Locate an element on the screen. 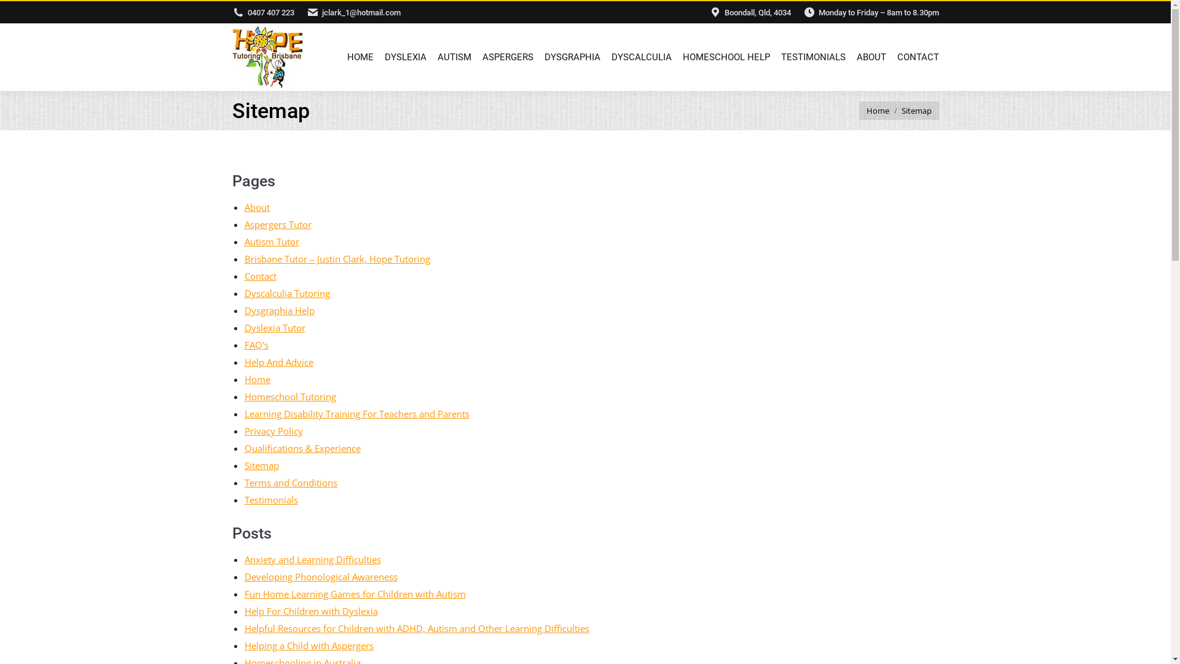 The image size is (1180, 664). 'HOMESCHOOL HELP' is located at coordinates (677, 57).